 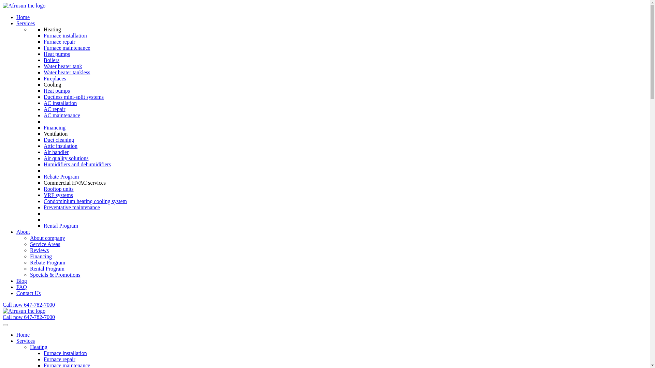 I want to click on 'Home', so click(x=23, y=334).